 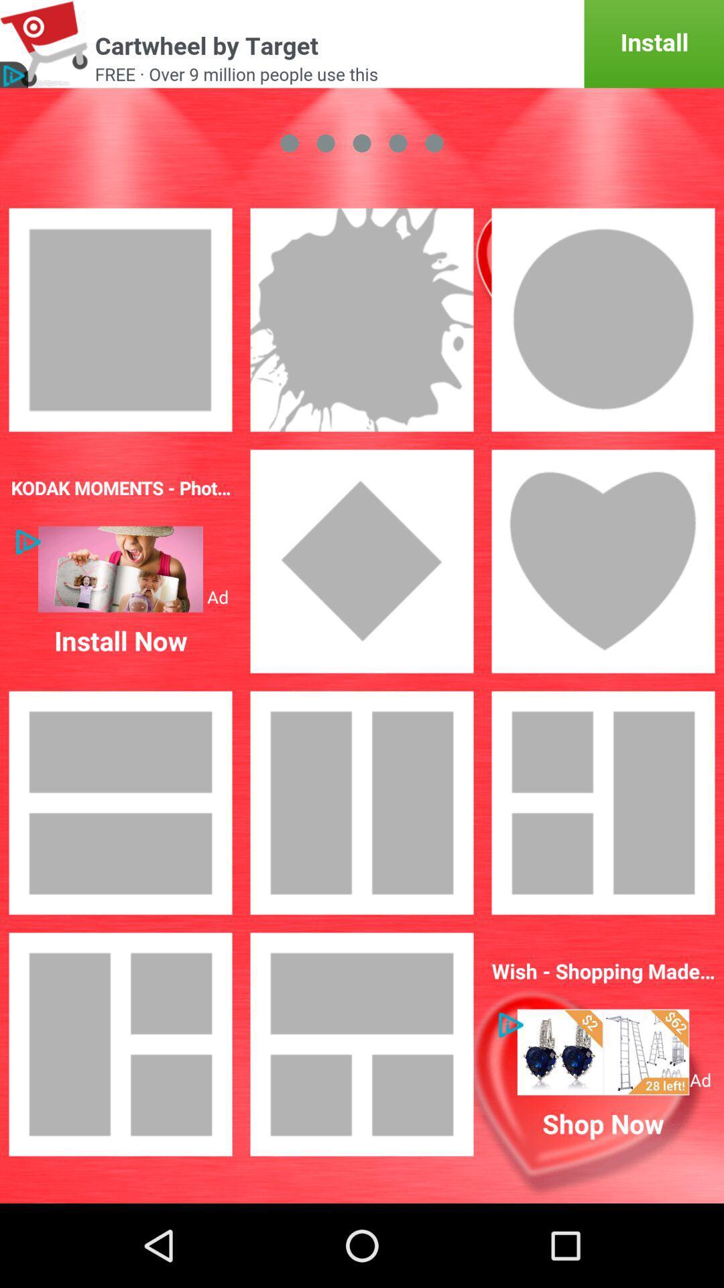 What do you see at coordinates (602, 561) in the screenshot?
I see `symbol of love` at bounding box center [602, 561].